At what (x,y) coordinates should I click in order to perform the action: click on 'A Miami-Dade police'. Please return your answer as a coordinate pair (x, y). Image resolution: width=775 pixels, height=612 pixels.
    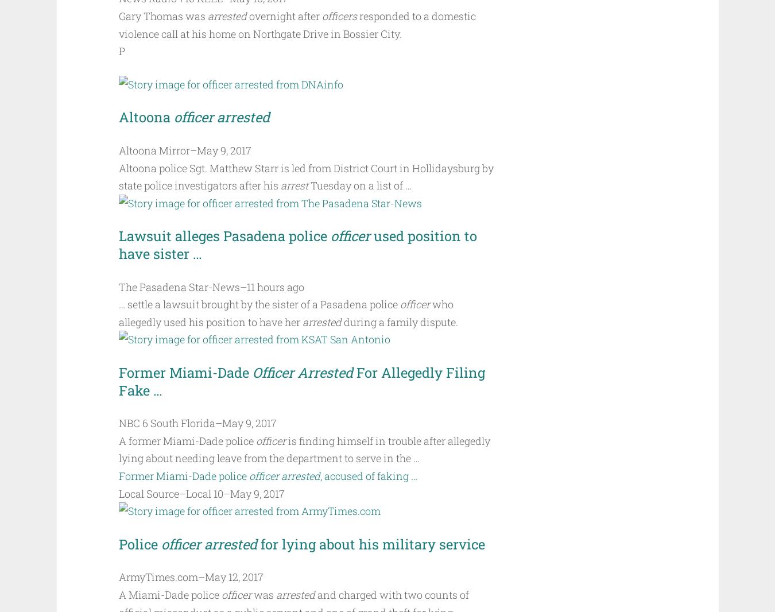
    Looking at the image, I should click on (169, 594).